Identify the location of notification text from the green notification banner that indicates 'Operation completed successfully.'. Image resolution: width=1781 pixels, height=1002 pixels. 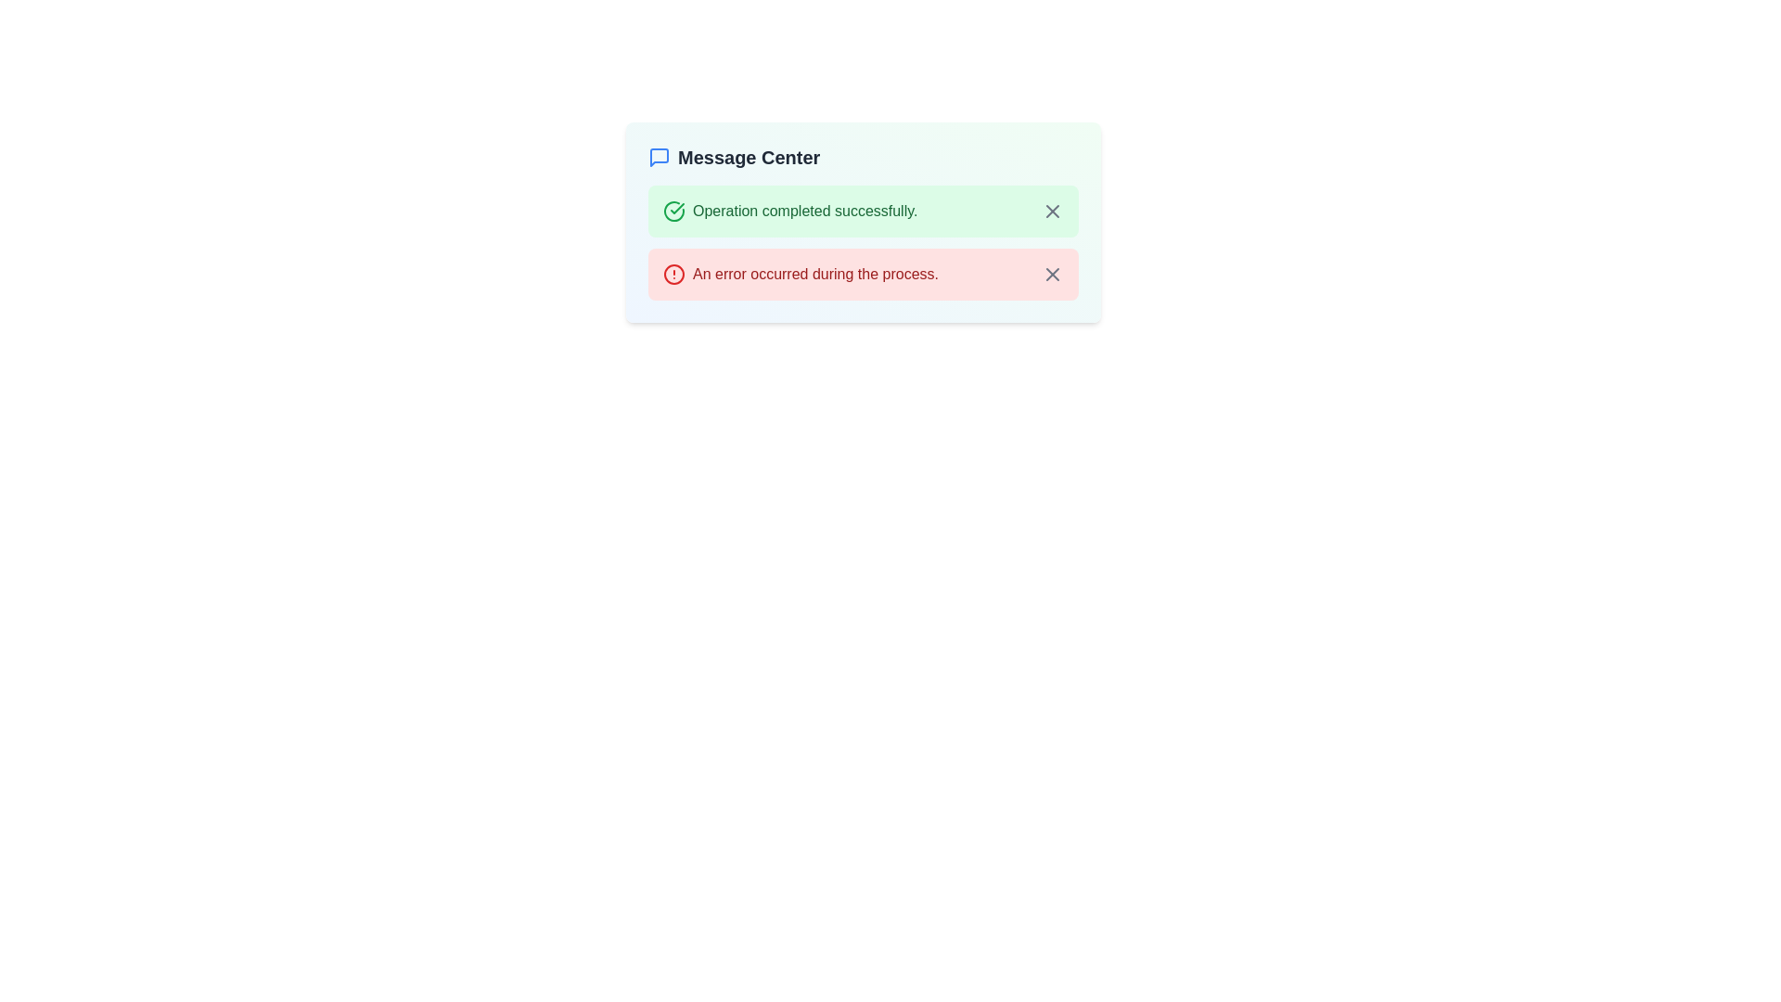
(863, 210).